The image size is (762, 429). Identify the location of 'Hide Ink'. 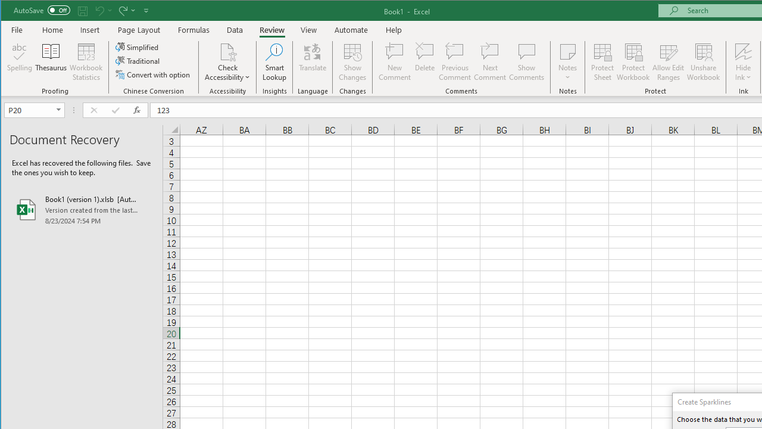
(742, 62).